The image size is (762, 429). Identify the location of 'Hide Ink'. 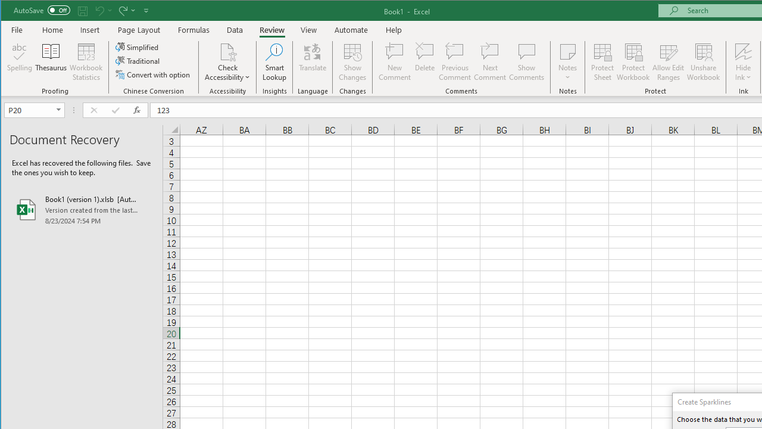
(742, 62).